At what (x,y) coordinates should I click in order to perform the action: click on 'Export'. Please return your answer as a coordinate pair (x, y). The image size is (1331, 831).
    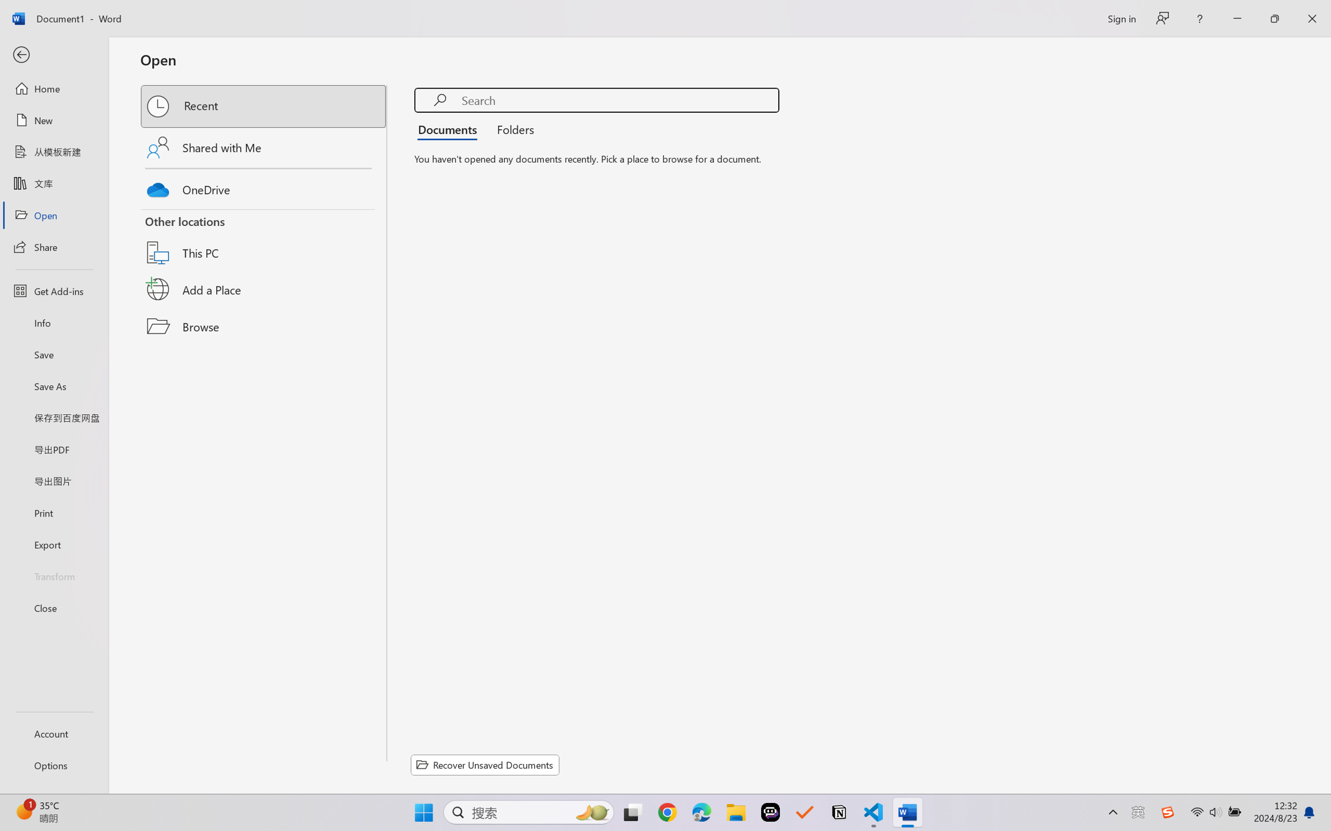
    Looking at the image, I should click on (53, 544).